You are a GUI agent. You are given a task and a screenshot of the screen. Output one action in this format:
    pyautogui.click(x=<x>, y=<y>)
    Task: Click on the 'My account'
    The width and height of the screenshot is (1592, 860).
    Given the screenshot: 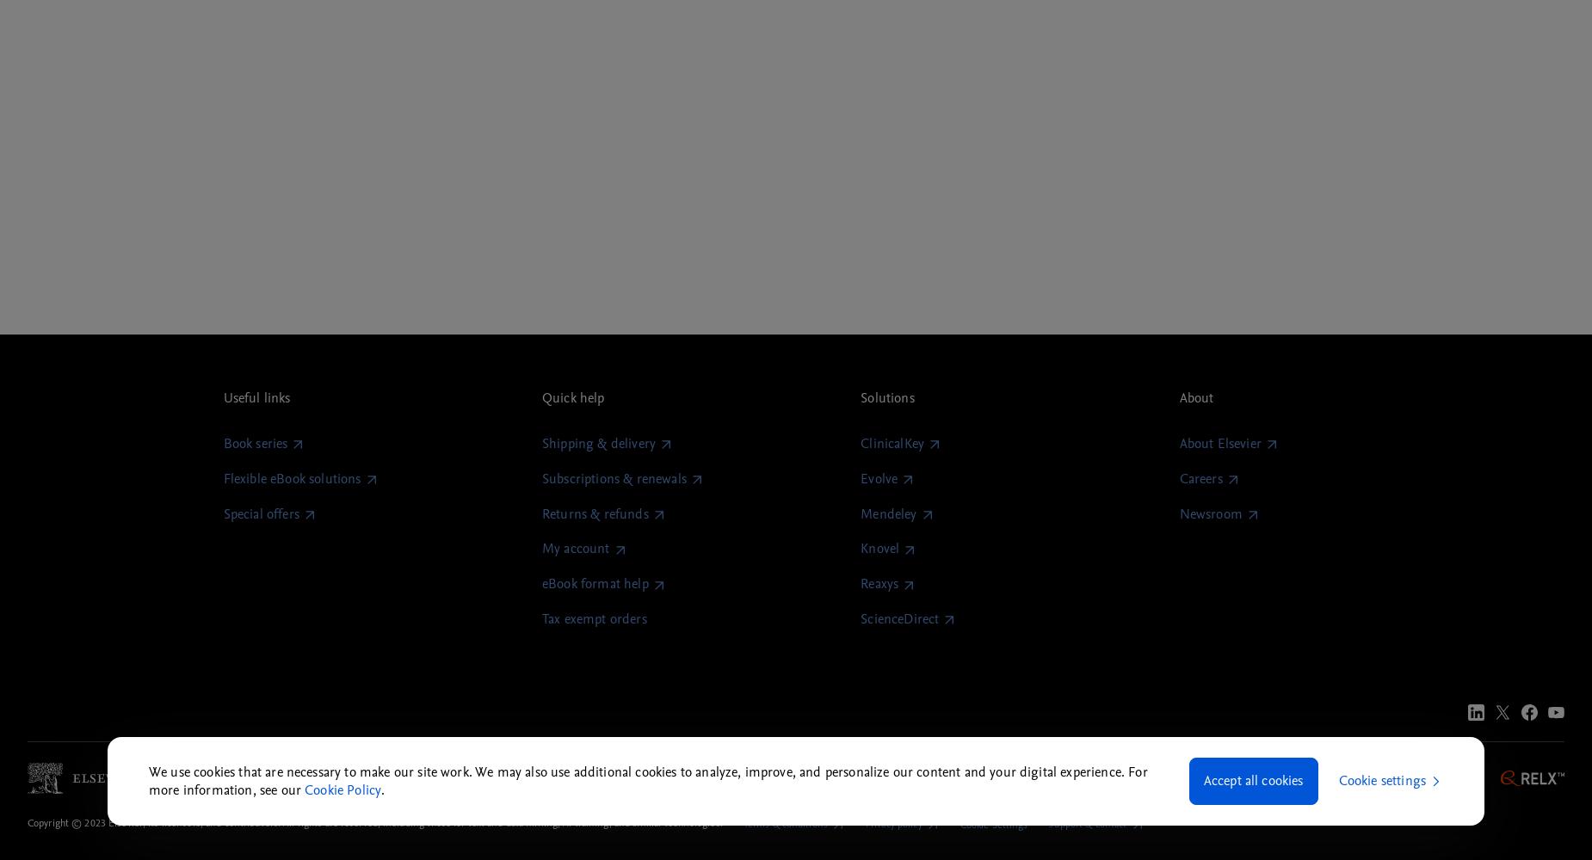 What is the action you would take?
    pyautogui.click(x=575, y=549)
    